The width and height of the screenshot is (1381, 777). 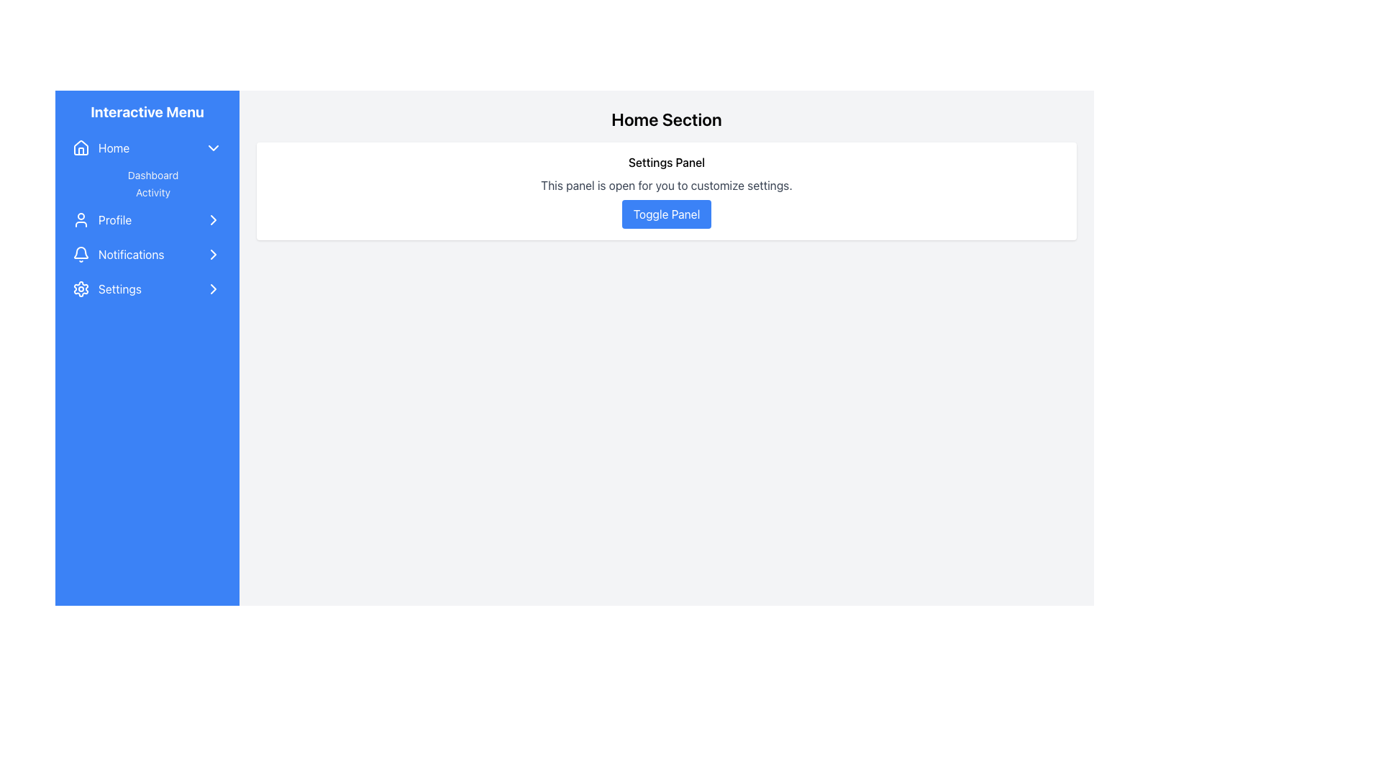 What do you see at coordinates (81, 288) in the screenshot?
I see `the cogwheel-like settings icon located in the vertical navigation bar next to the 'Settings' label` at bounding box center [81, 288].